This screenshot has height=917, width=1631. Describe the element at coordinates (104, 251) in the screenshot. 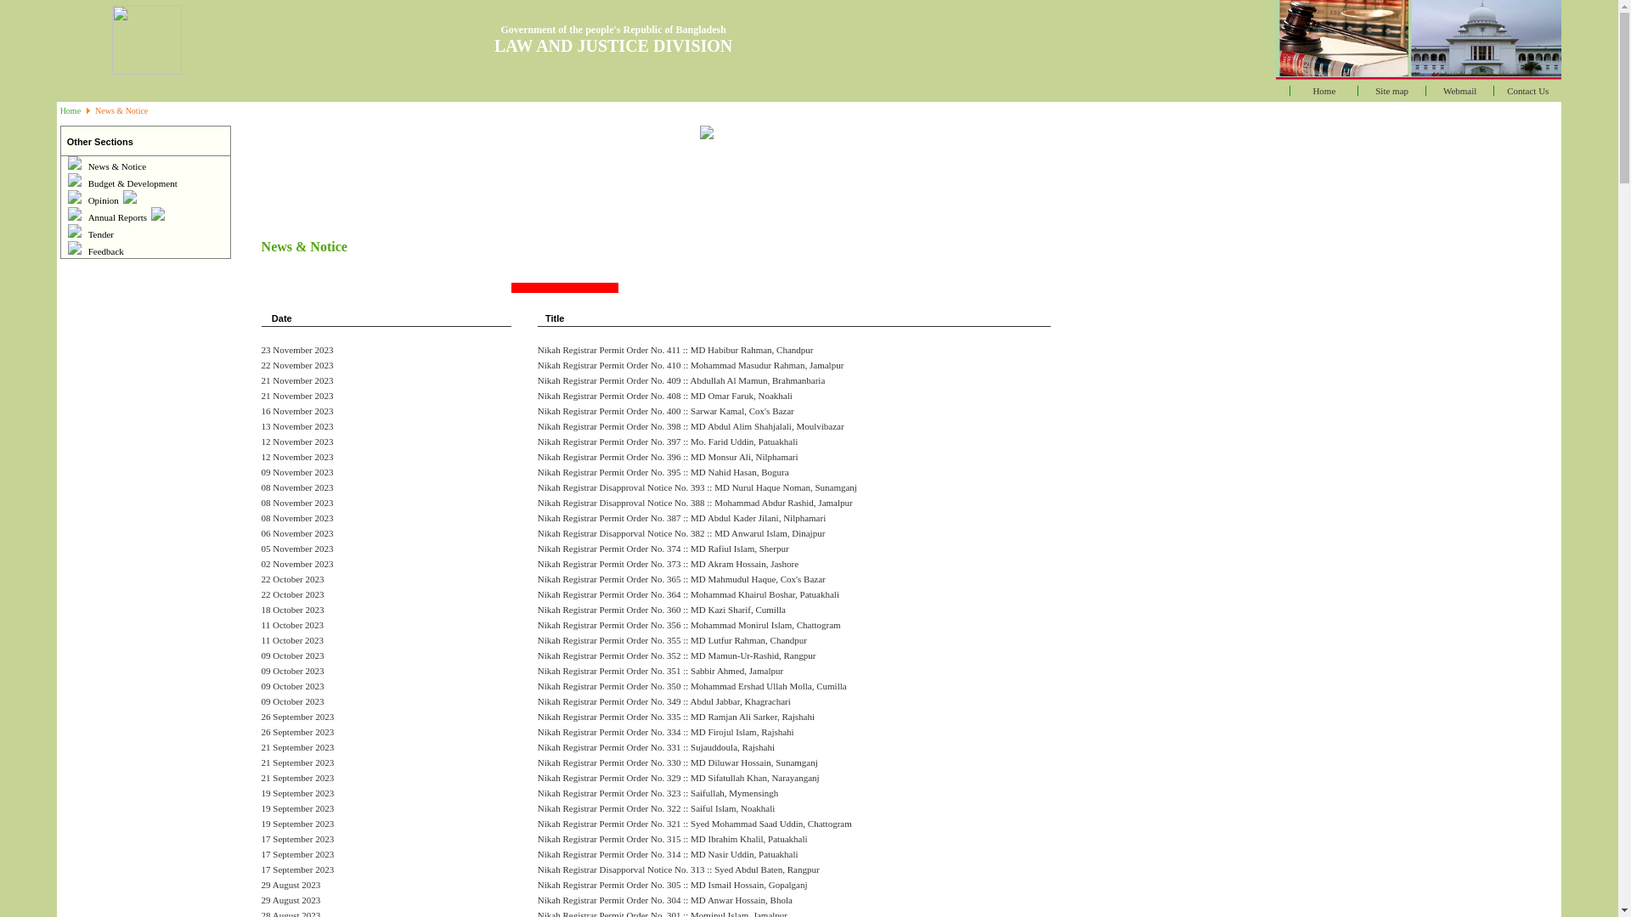

I see `'Feedback'` at that location.